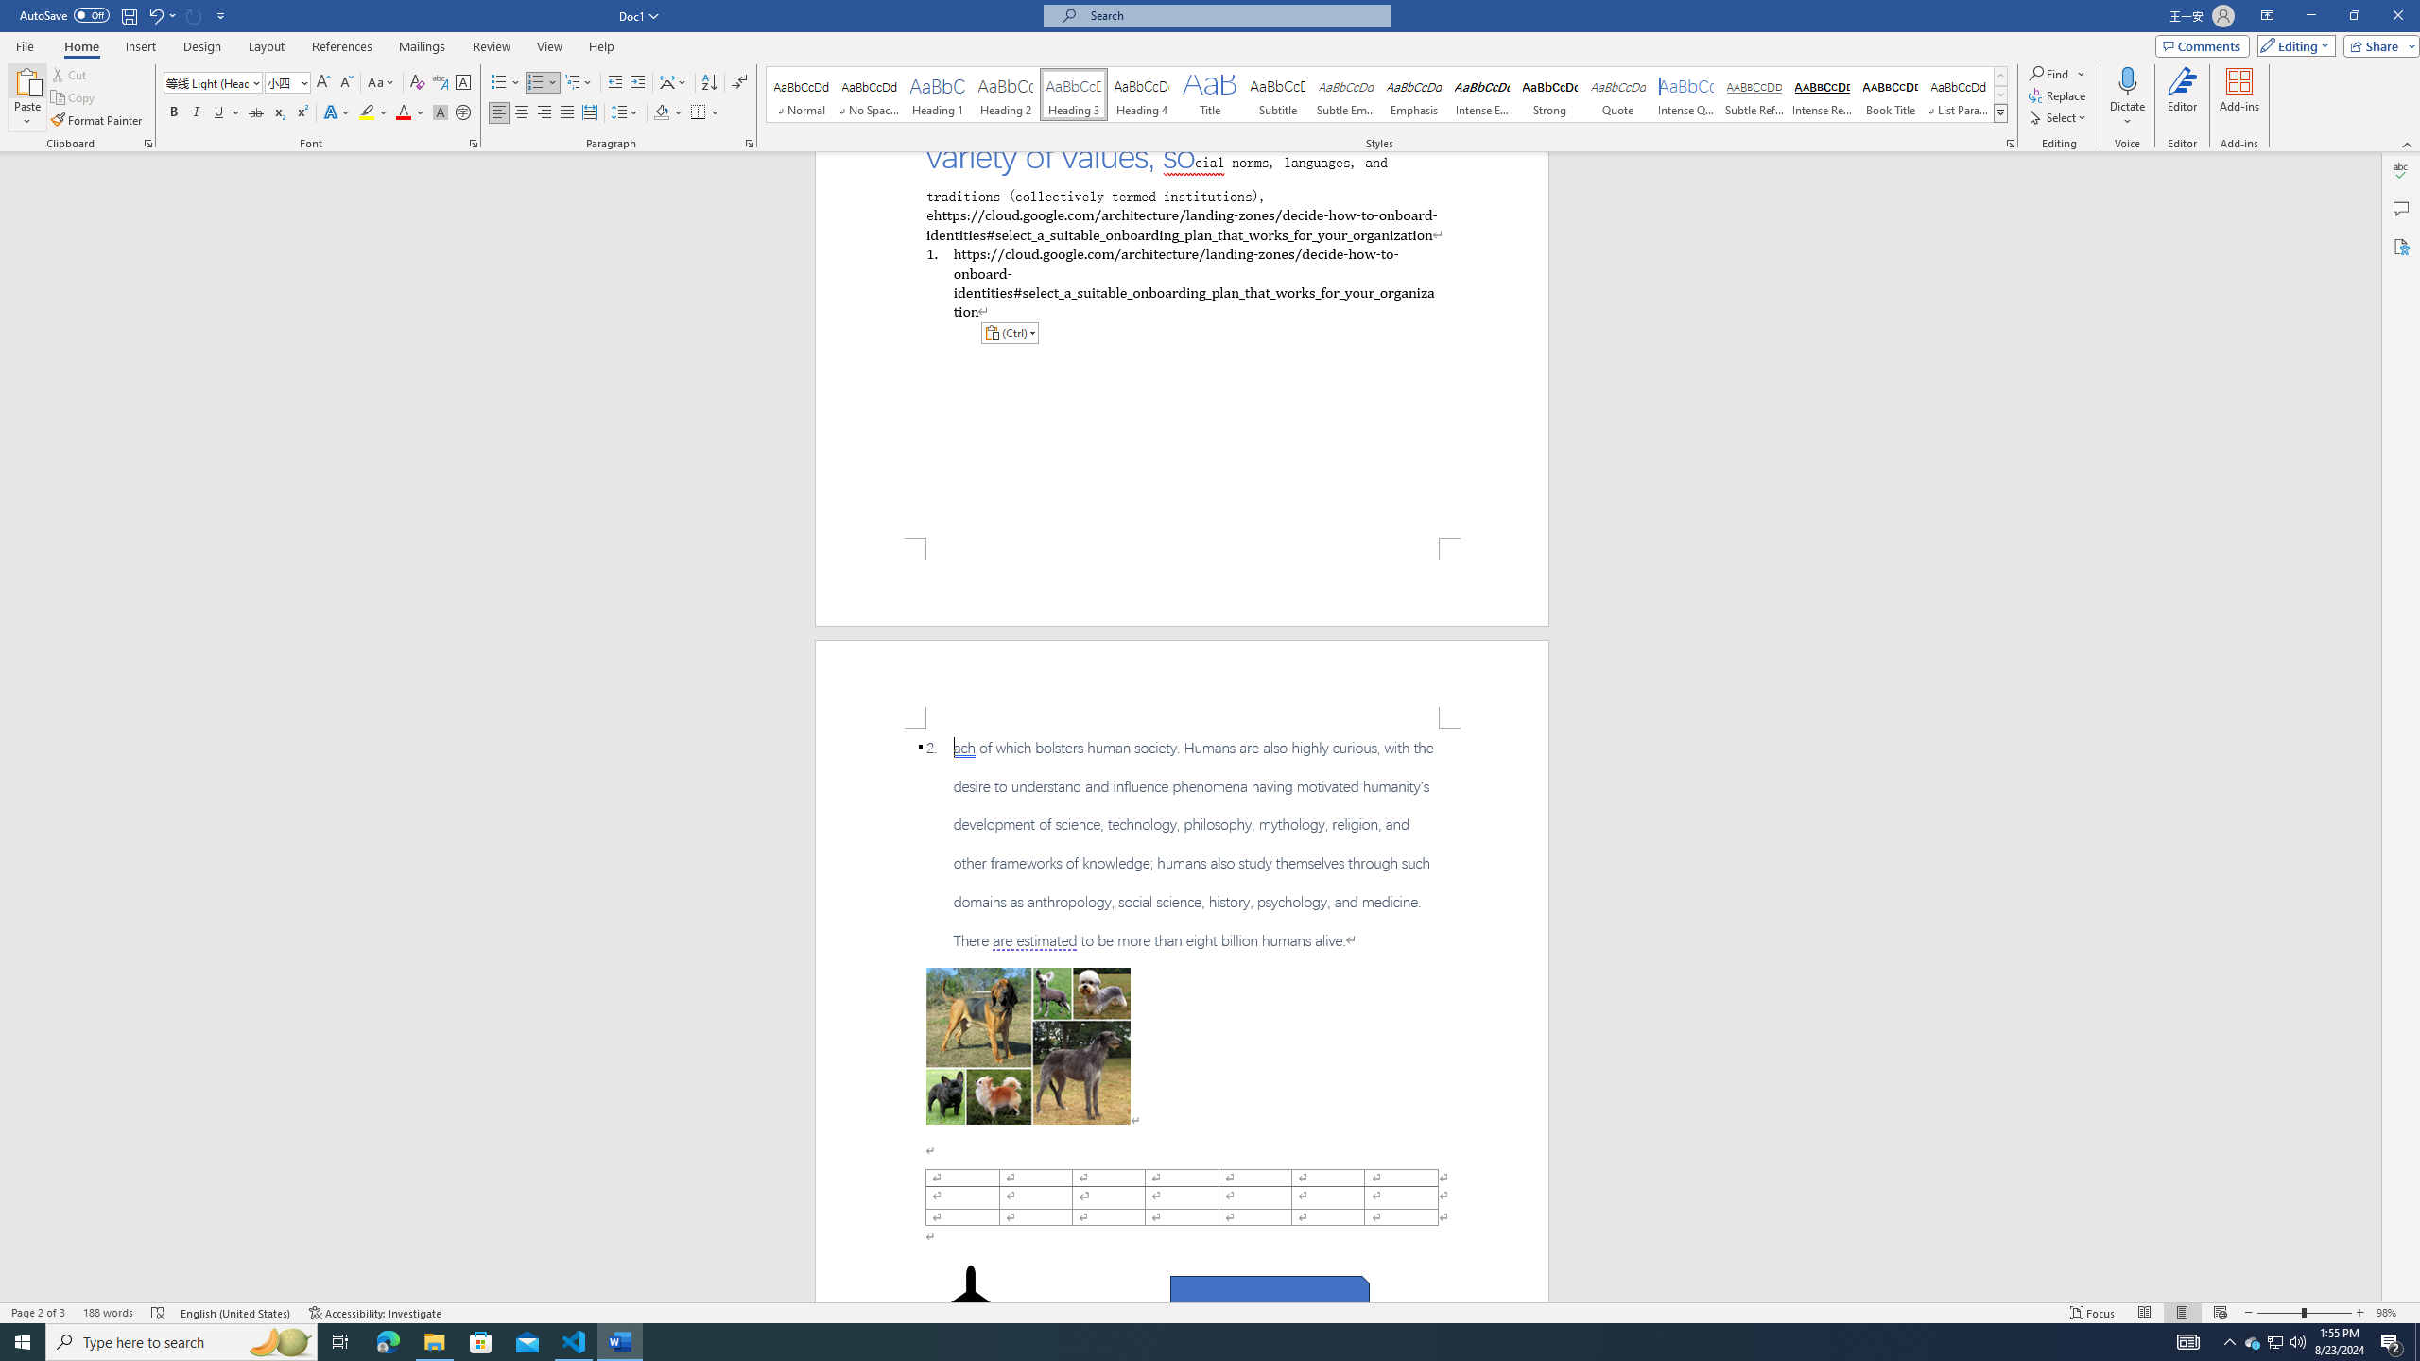 The height and width of the screenshot is (1361, 2420). Describe the element at coordinates (196, 112) in the screenshot. I see `'Italic'` at that location.